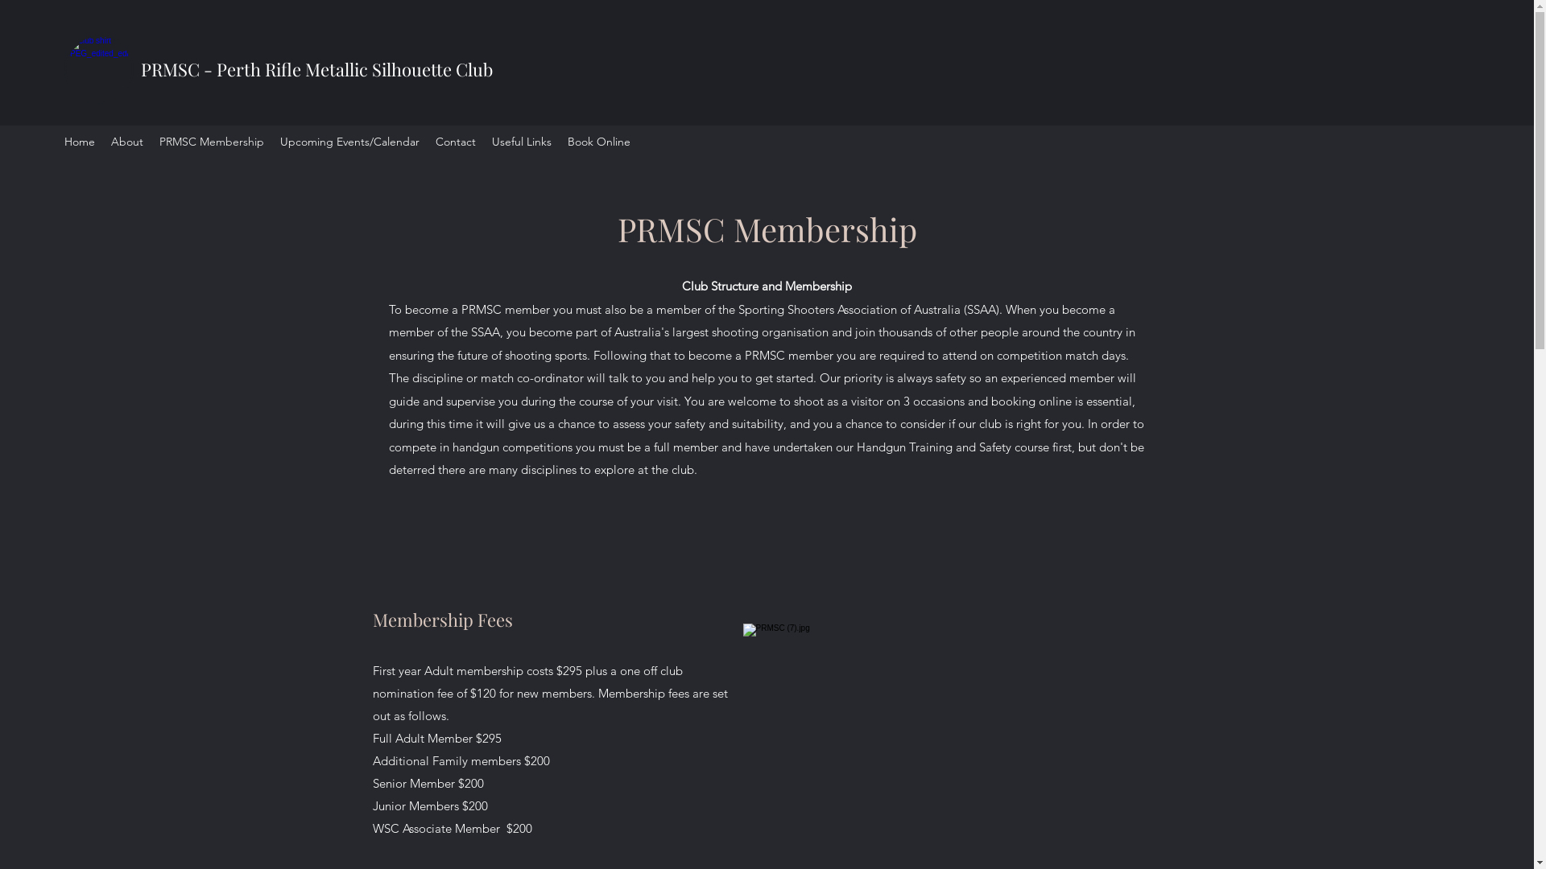 Image resolution: width=1546 pixels, height=869 pixels. I want to click on 'Upcoming Events/Calendar', so click(349, 141).